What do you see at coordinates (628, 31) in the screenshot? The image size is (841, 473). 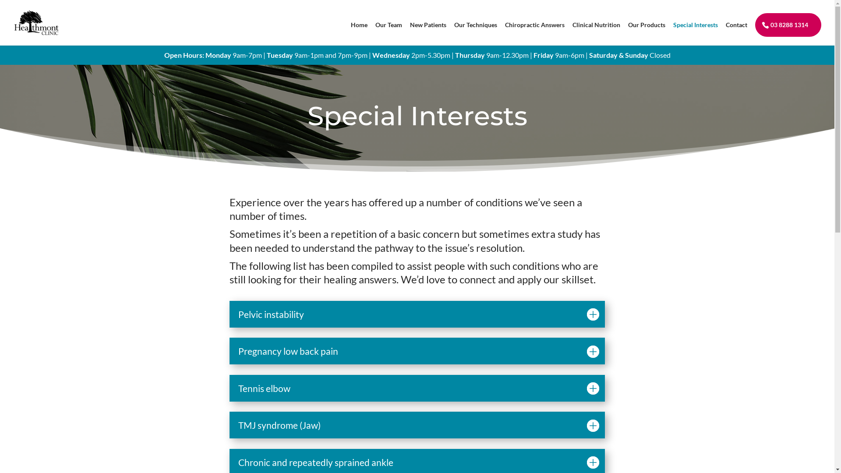 I see `'Our Products'` at bounding box center [628, 31].